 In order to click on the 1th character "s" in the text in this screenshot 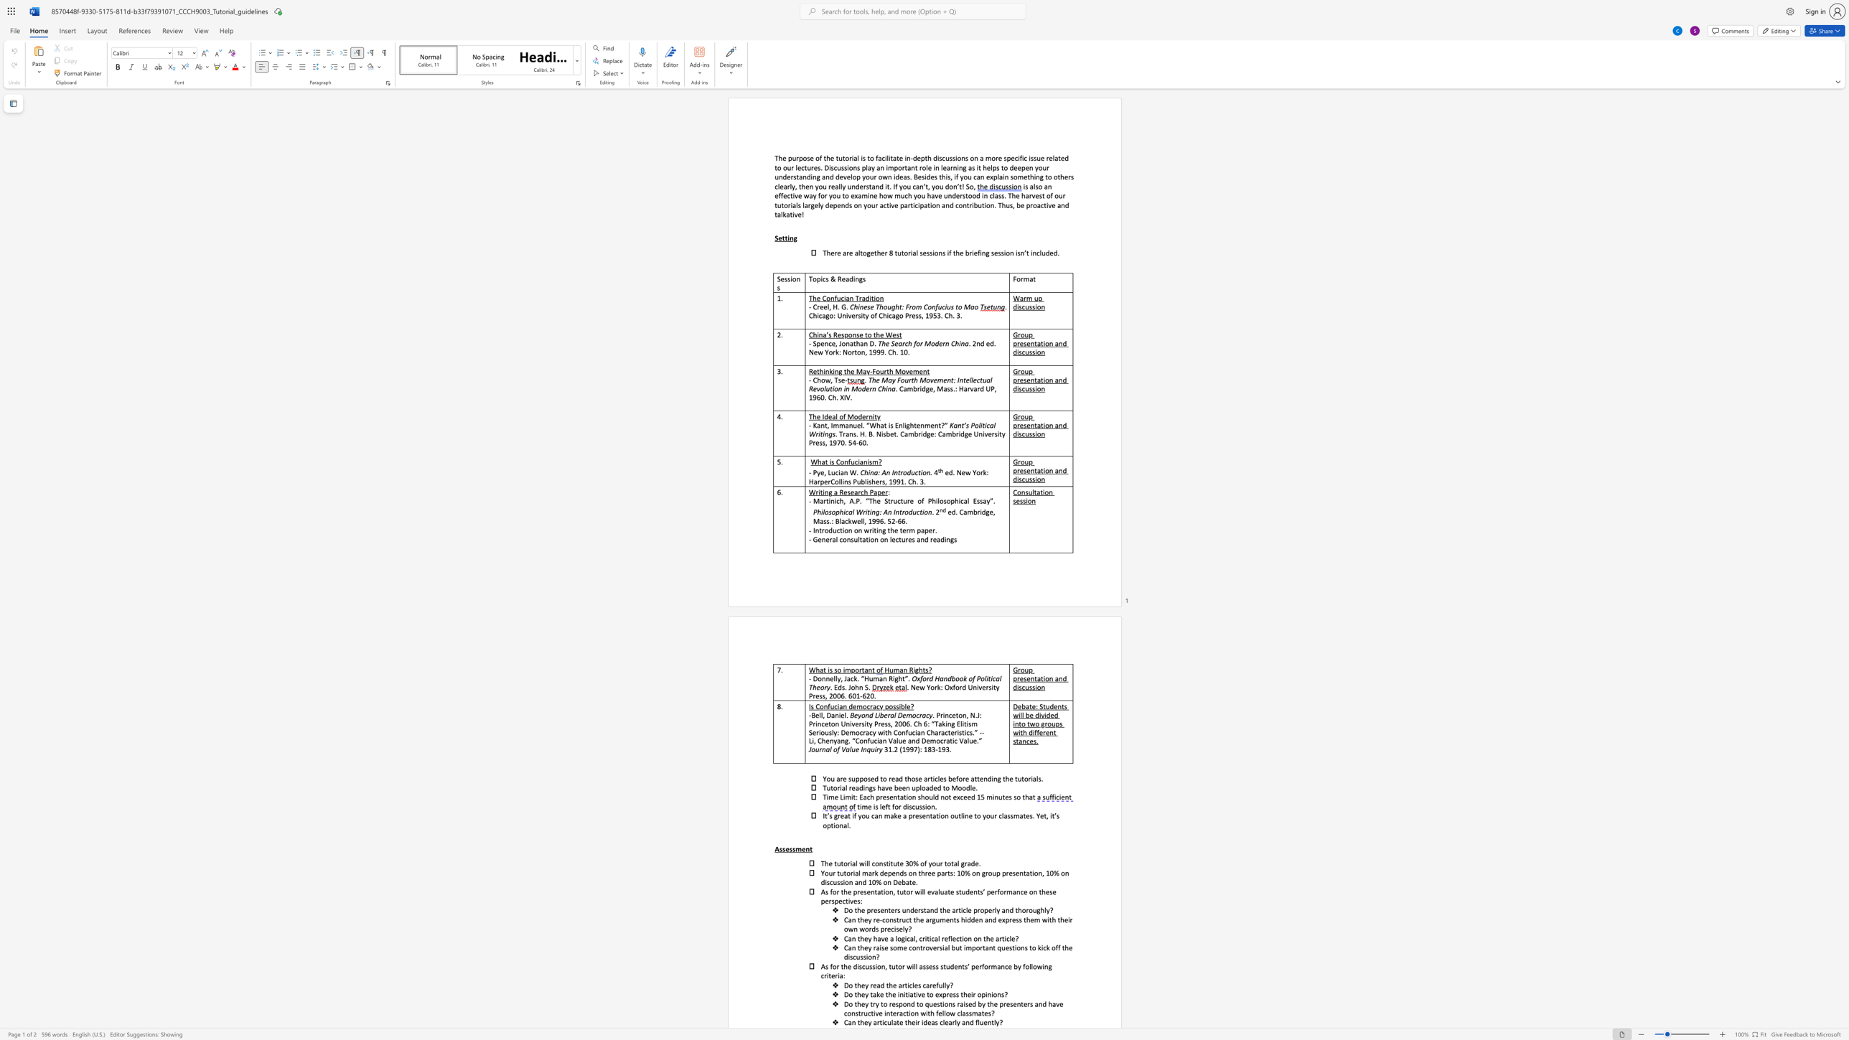, I will do `click(1026, 186)`.